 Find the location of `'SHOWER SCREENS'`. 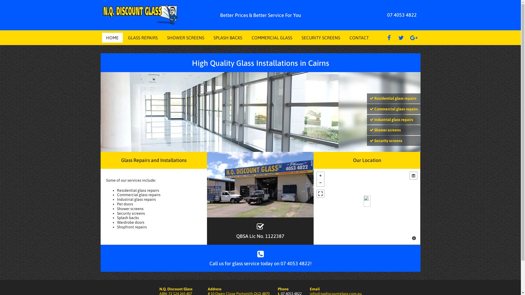

'SHOWER SCREENS' is located at coordinates (185, 37).